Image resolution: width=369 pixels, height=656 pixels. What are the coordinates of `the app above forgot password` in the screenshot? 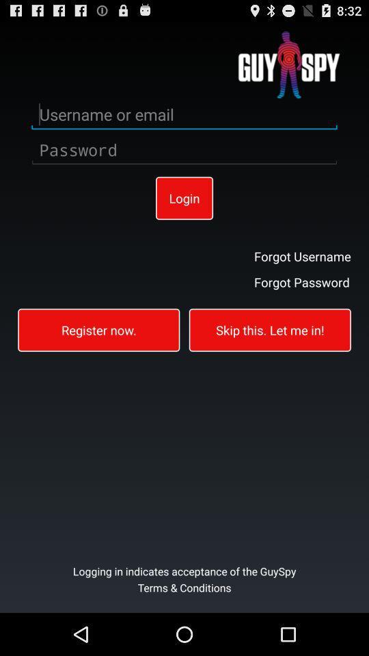 It's located at (302, 255).